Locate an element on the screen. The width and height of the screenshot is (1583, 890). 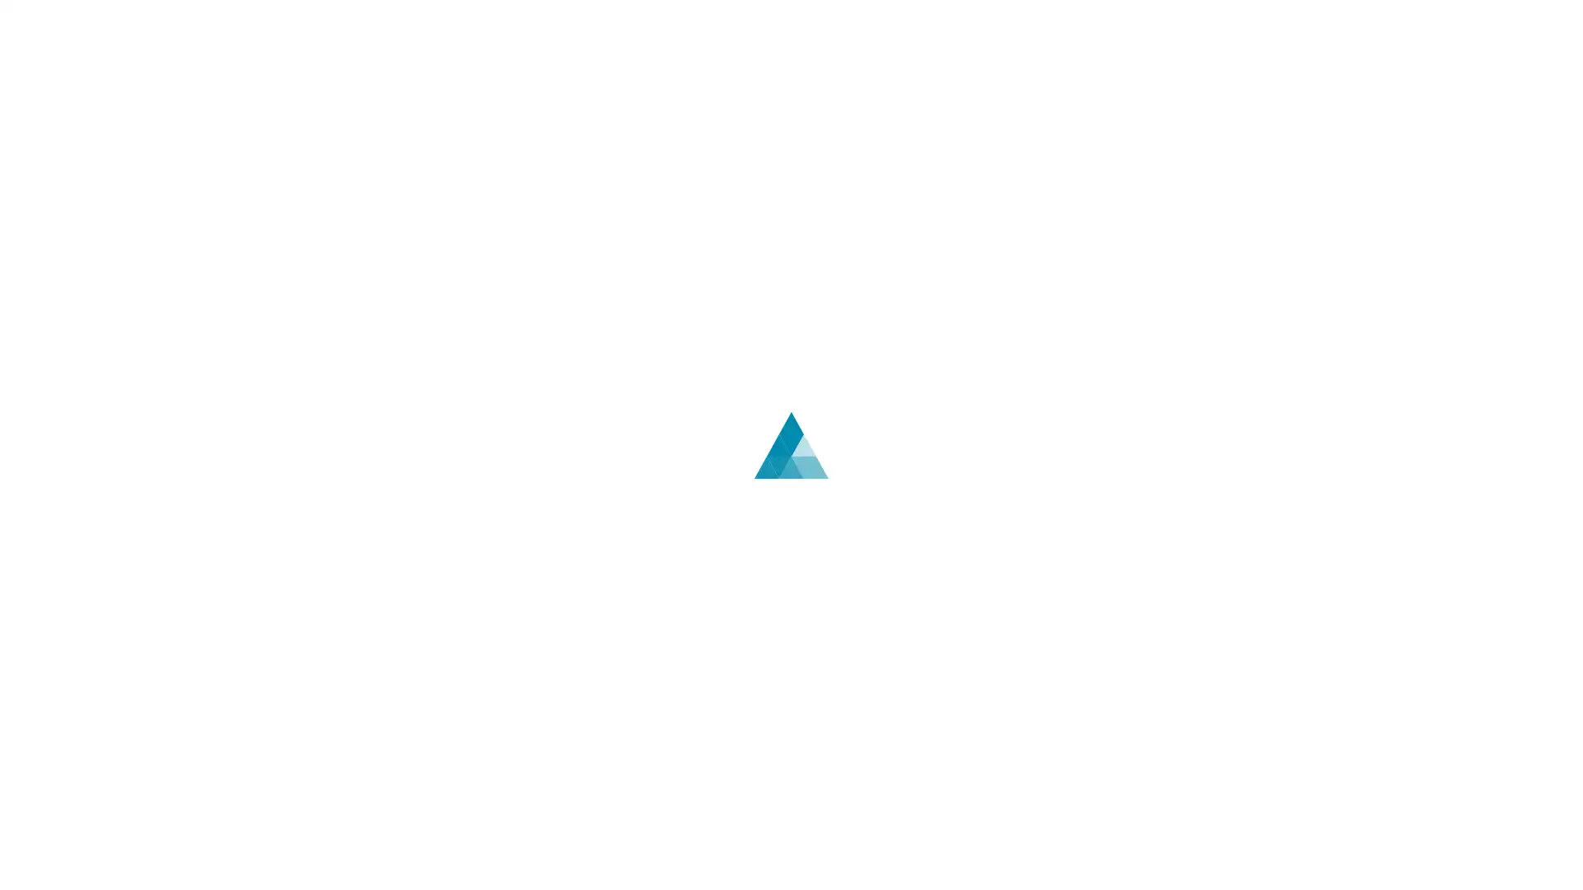
English is located at coordinates (951, 630).